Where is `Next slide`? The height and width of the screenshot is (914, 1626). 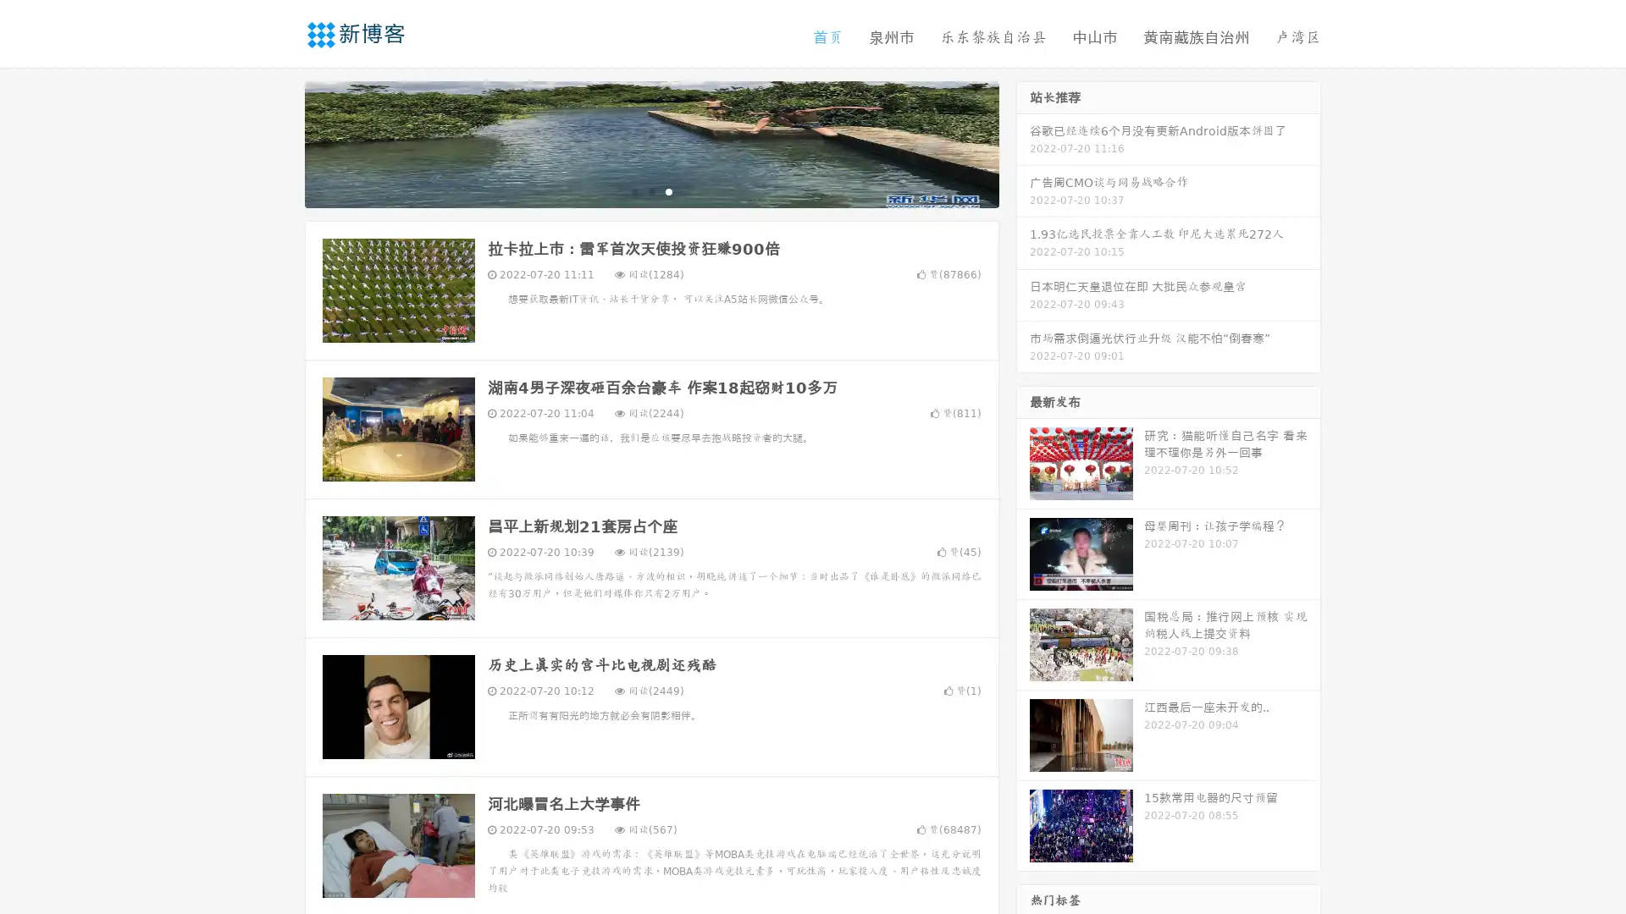 Next slide is located at coordinates (1023, 142).